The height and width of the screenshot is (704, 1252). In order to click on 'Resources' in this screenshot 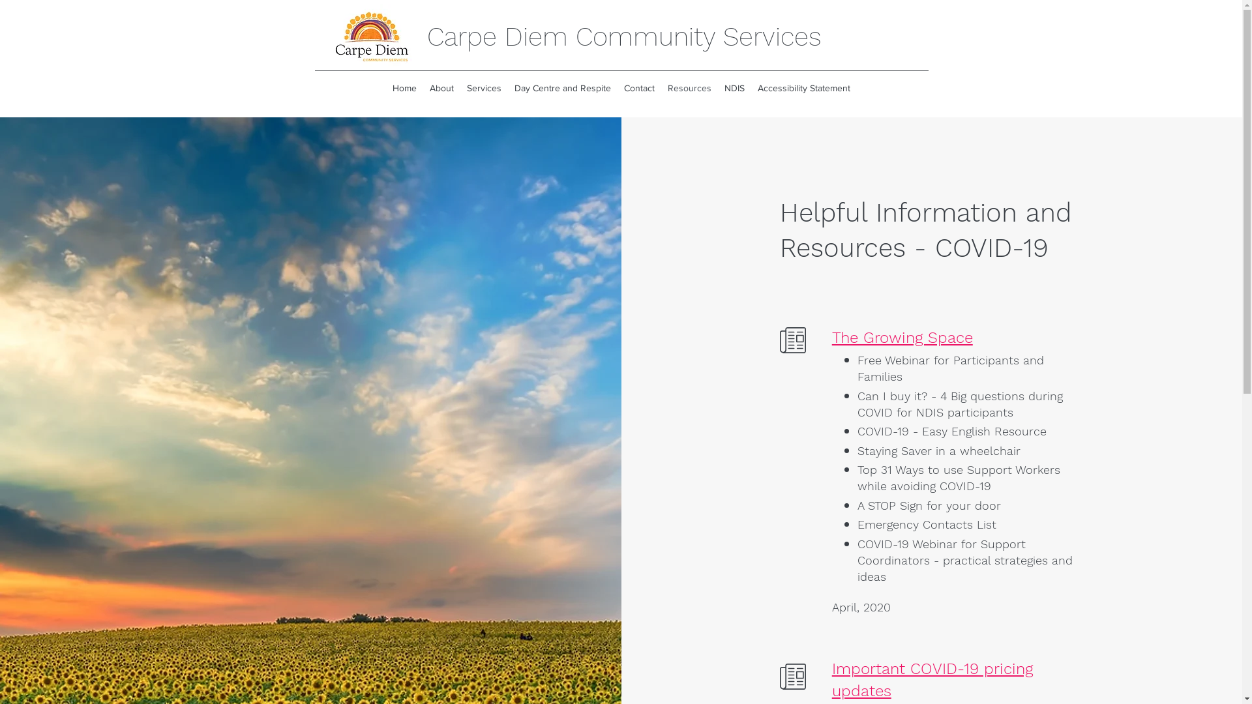, I will do `click(689, 88)`.